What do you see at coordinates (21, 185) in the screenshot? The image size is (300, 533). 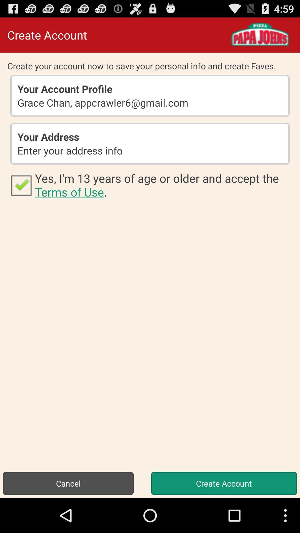 I see `button above the cancel icon` at bounding box center [21, 185].